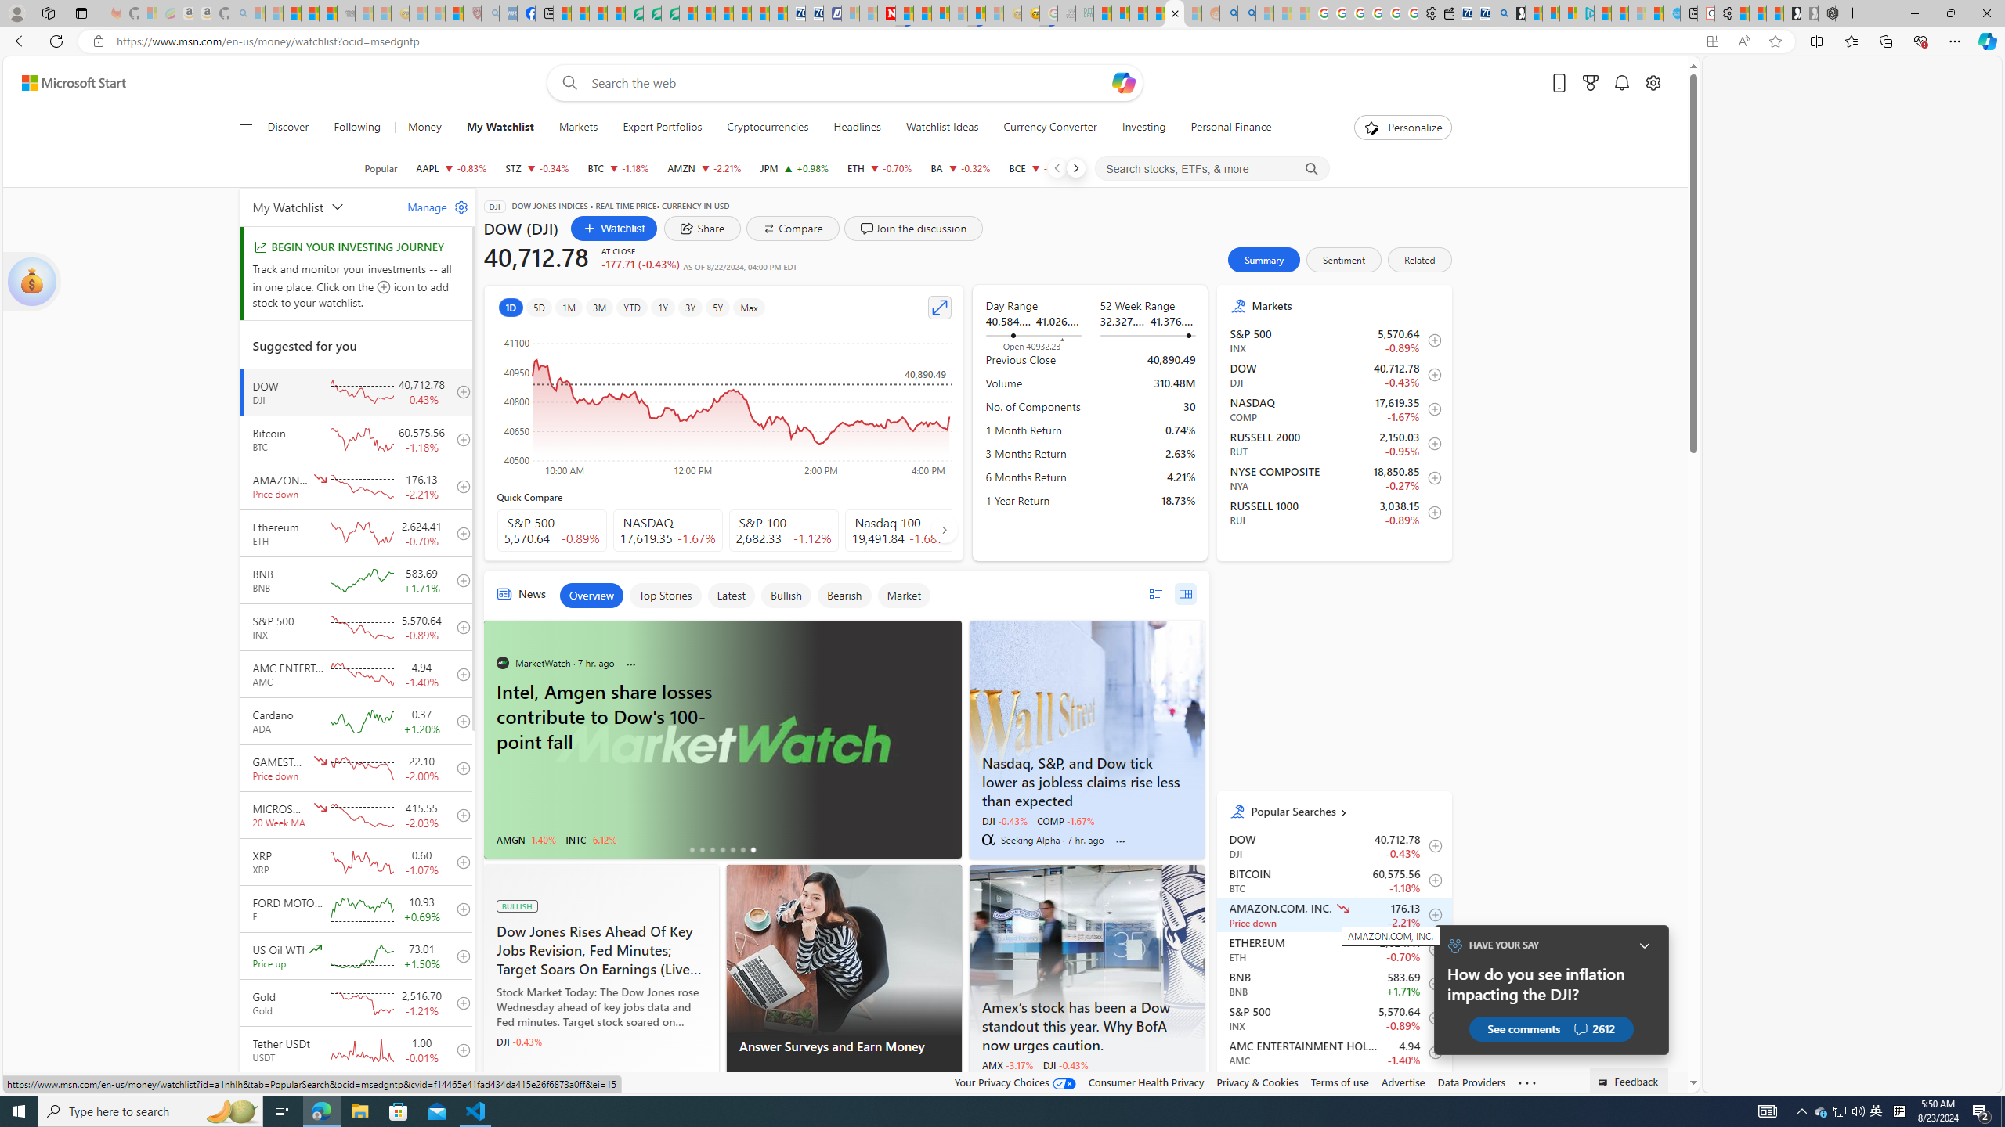 This screenshot has width=2005, height=1127. What do you see at coordinates (345, 13) in the screenshot?
I see `'Combat Siege'` at bounding box center [345, 13].